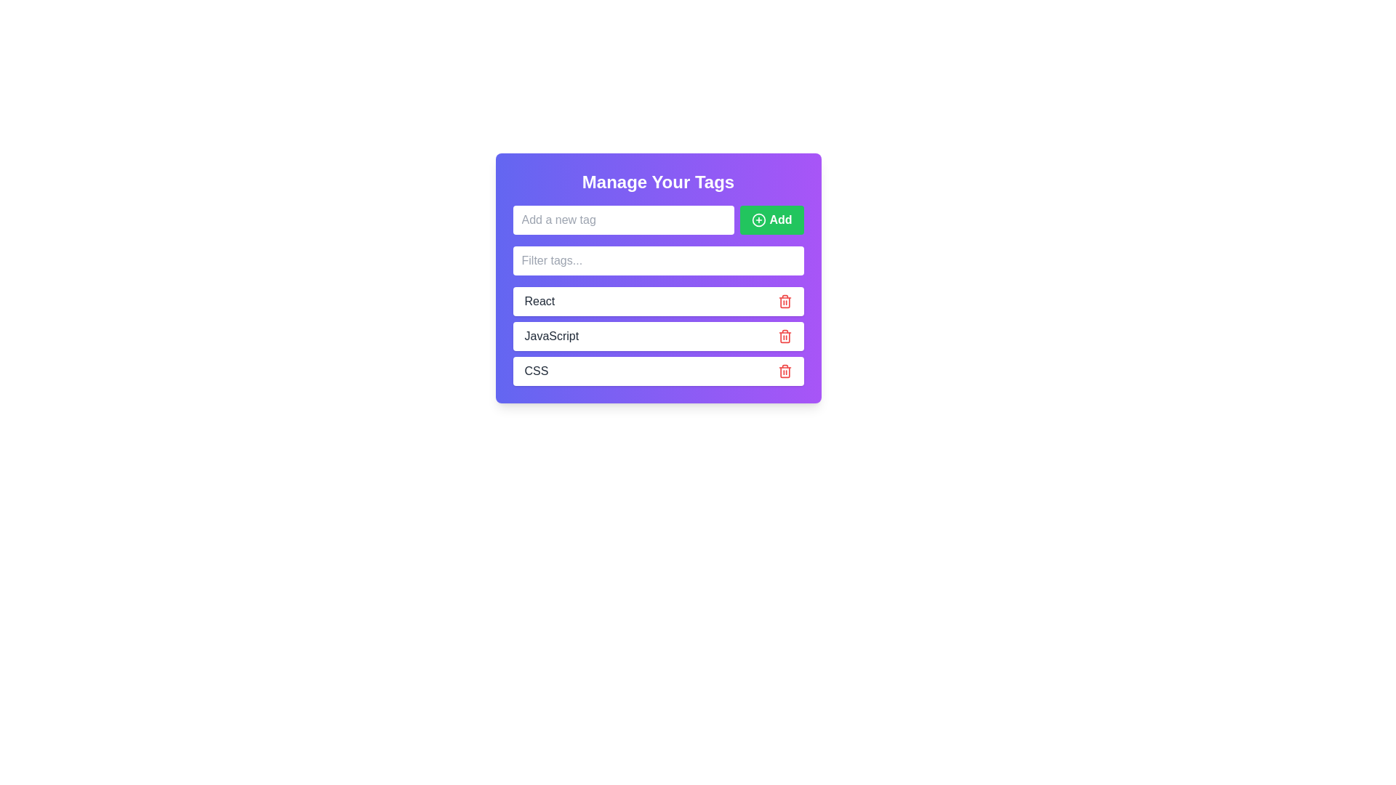 The width and height of the screenshot is (1396, 785). Describe the element at coordinates (657, 301) in the screenshot. I see `the 'React' tag component, which includes a delete button` at that location.